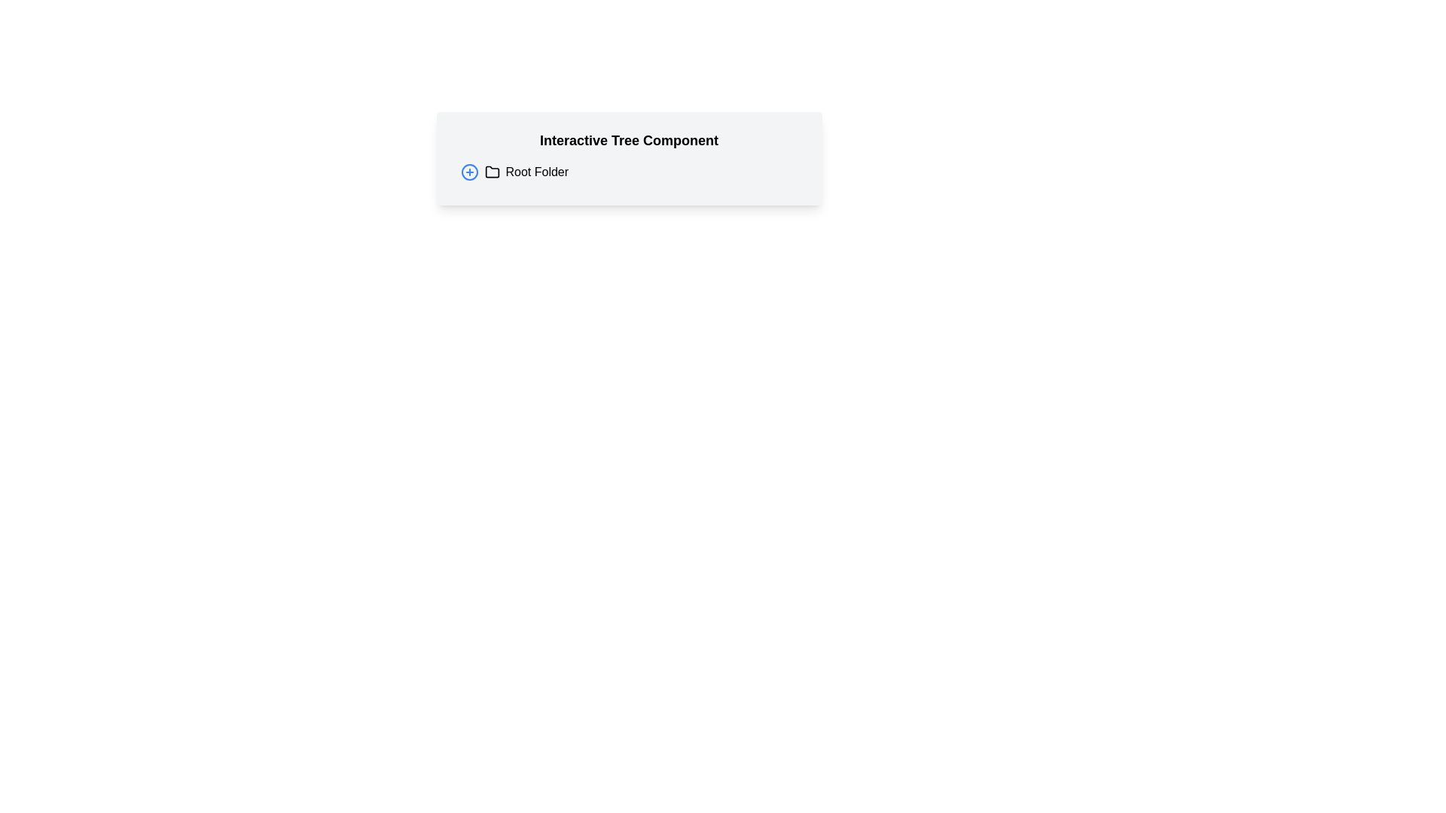 The image size is (1446, 813). What do you see at coordinates (468, 171) in the screenshot?
I see `the circular element within the SVG that serves as the outer boundary of the '+' shaped icon design, located adjacent to the folder icon and left of the 'Root Folder' text` at bounding box center [468, 171].